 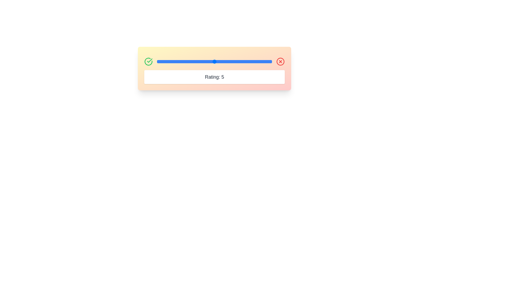 What do you see at coordinates (168, 61) in the screenshot?
I see `the slider value` at bounding box center [168, 61].